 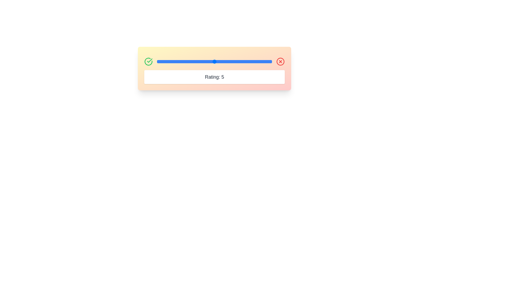 What do you see at coordinates (168, 61) in the screenshot?
I see `the slider value` at bounding box center [168, 61].